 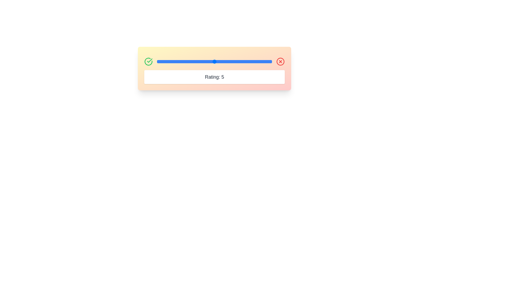 What do you see at coordinates (168, 61) in the screenshot?
I see `the slider value` at bounding box center [168, 61].